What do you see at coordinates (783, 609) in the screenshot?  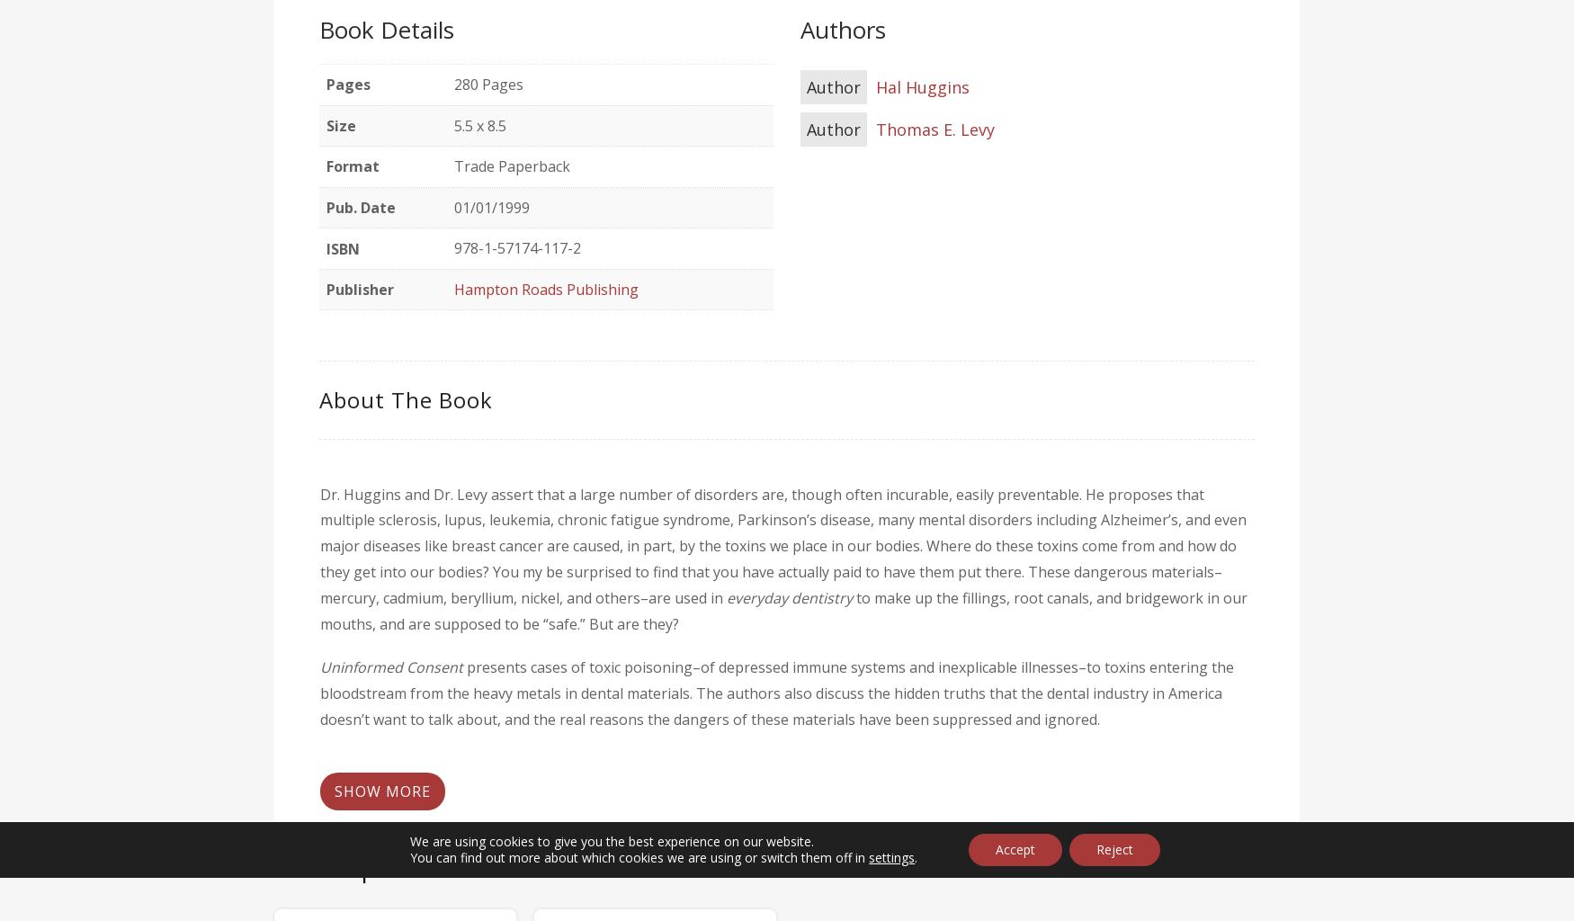 I see `'to make up the fillings, root canals, and bridgework in our mouths, and are supposed to be “safe.” But are they?'` at bounding box center [783, 609].